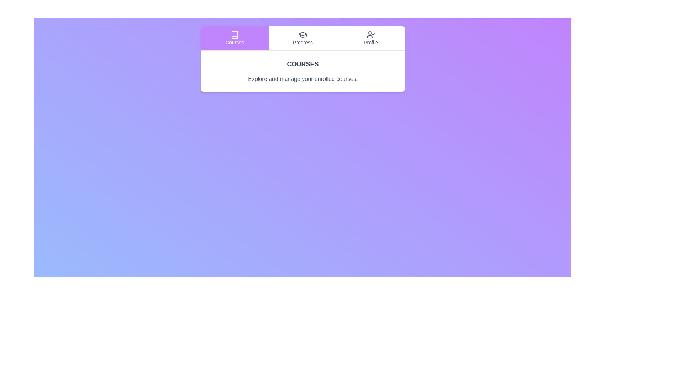 The height and width of the screenshot is (383, 681). I want to click on the Profile tab by clicking on its button, so click(371, 38).